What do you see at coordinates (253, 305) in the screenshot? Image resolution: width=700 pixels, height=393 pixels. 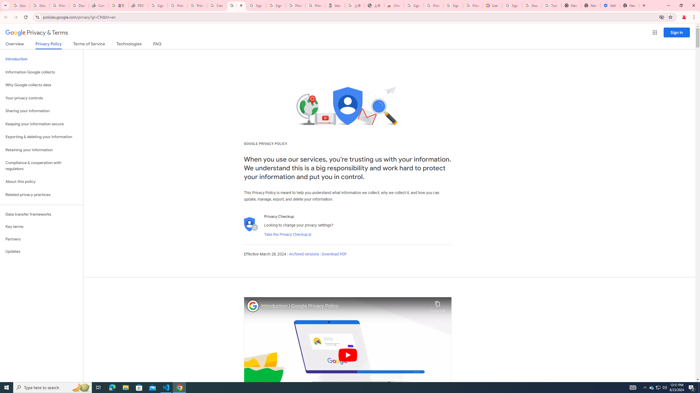 I see `'Photo image of Google'` at bounding box center [253, 305].